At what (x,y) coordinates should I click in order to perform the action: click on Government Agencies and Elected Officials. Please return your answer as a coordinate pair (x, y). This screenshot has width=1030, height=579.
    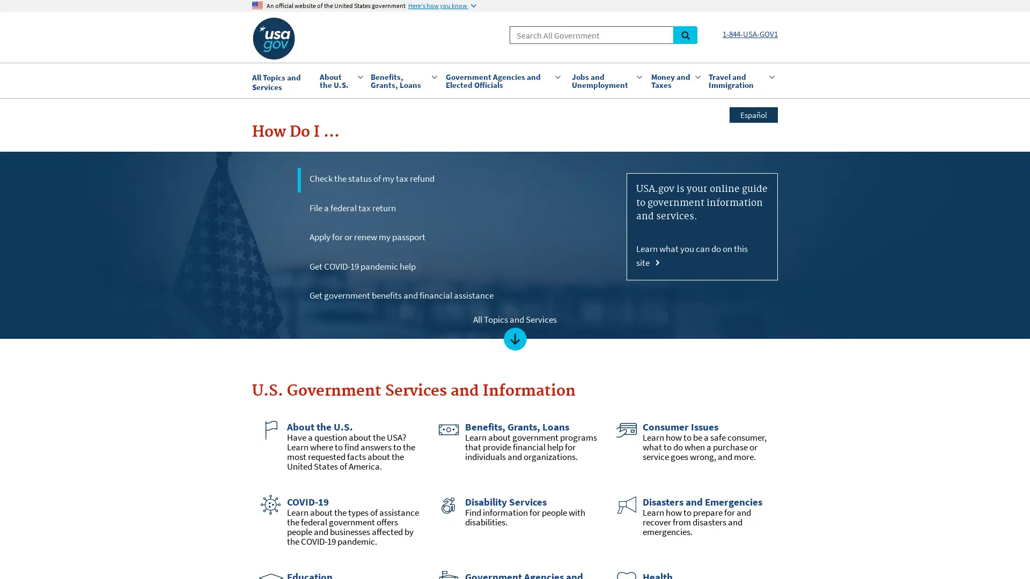
    Looking at the image, I should click on (502, 80).